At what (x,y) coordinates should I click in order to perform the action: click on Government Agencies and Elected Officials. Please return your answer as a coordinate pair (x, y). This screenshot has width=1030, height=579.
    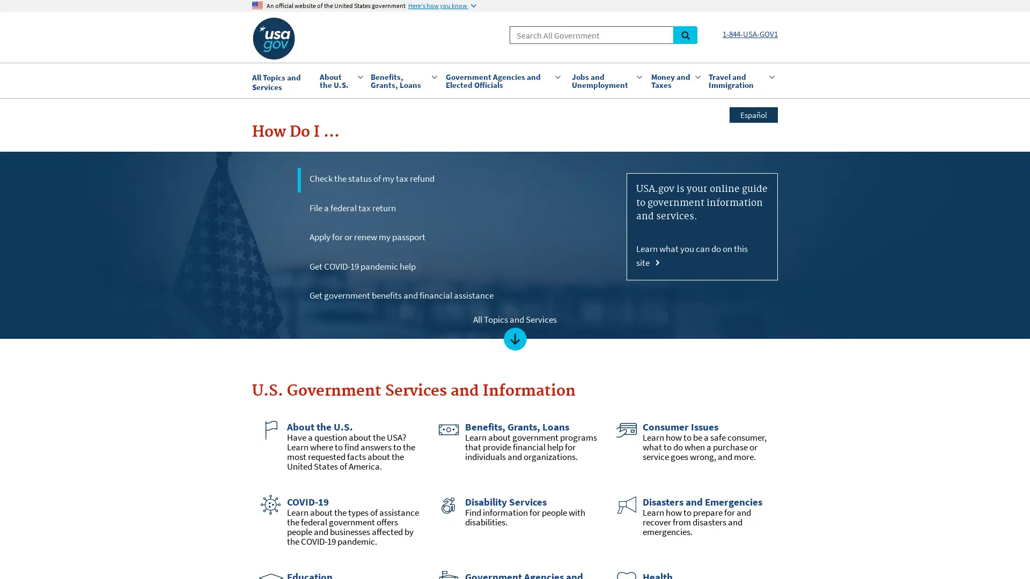
    Looking at the image, I should click on (502, 80).